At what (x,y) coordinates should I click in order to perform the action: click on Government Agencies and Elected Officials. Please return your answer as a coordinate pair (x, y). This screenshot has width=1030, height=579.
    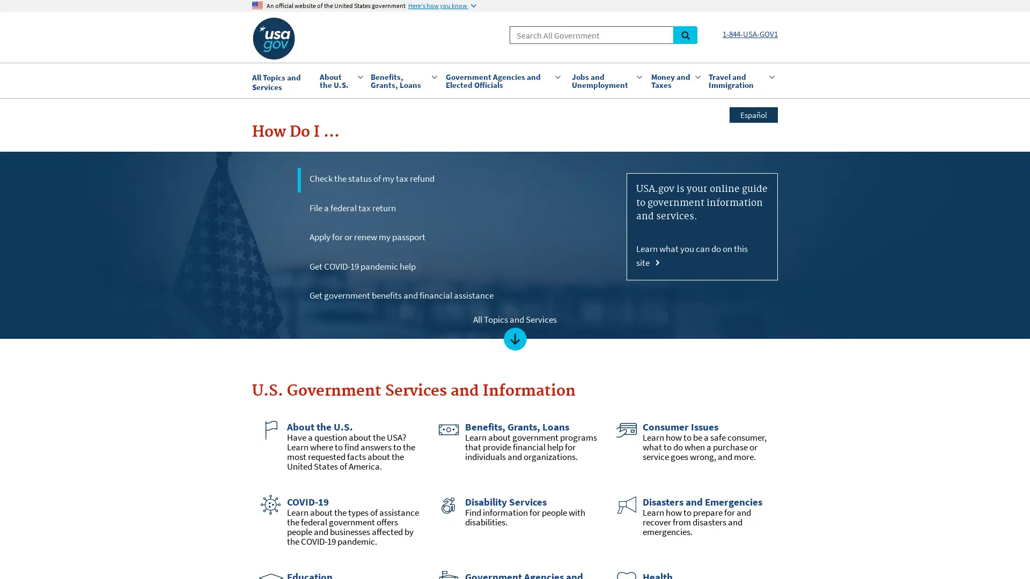
    Looking at the image, I should click on (502, 80).